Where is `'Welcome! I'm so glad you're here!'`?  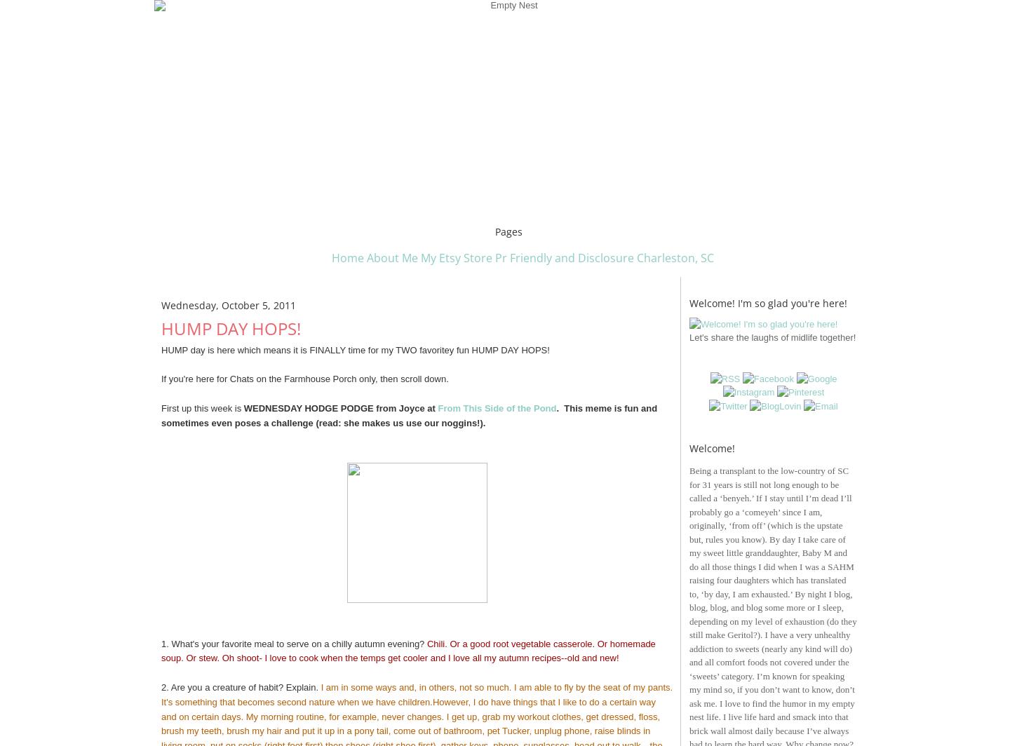 'Welcome! I'm so glad you're here!' is located at coordinates (767, 302).